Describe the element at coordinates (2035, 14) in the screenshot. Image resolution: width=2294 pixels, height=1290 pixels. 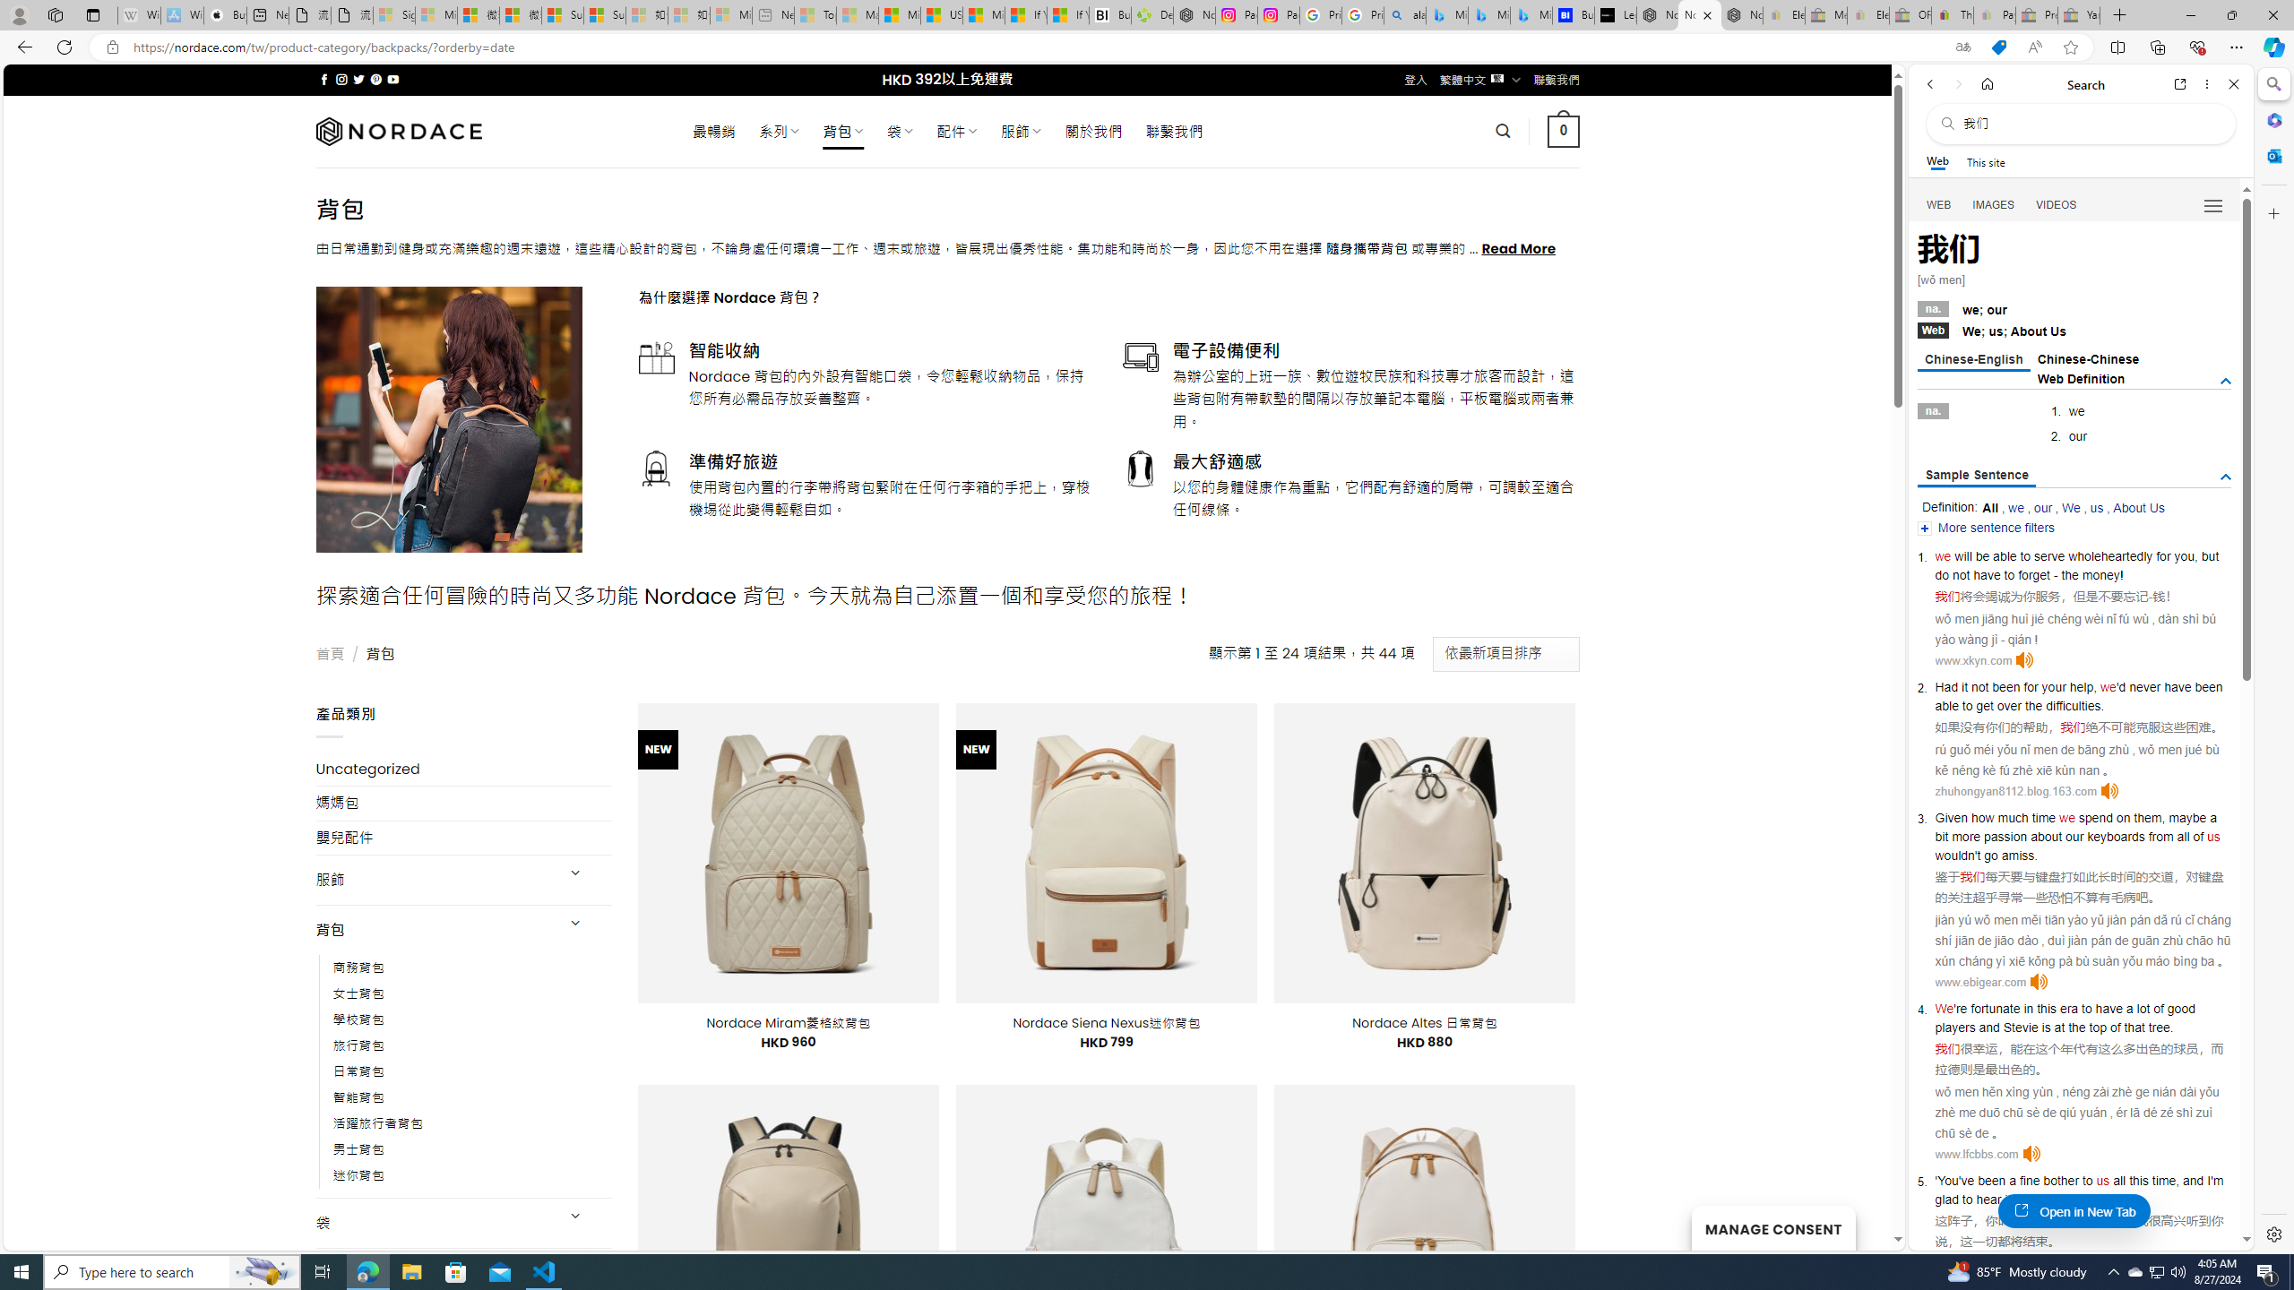
I see `'Press Room - eBay Inc. - Sleeping'` at that location.